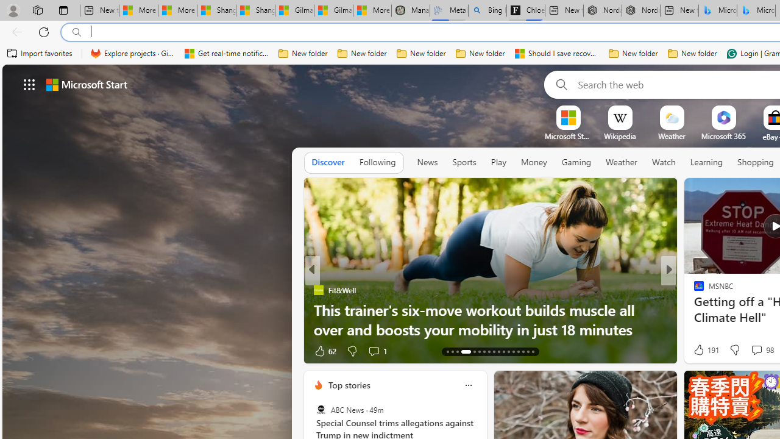 This screenshot has height=439, width=780. Describe the element at coordinates (518, 352) in the screenshot. I see `'AutomationID: tab-26'` at that location.